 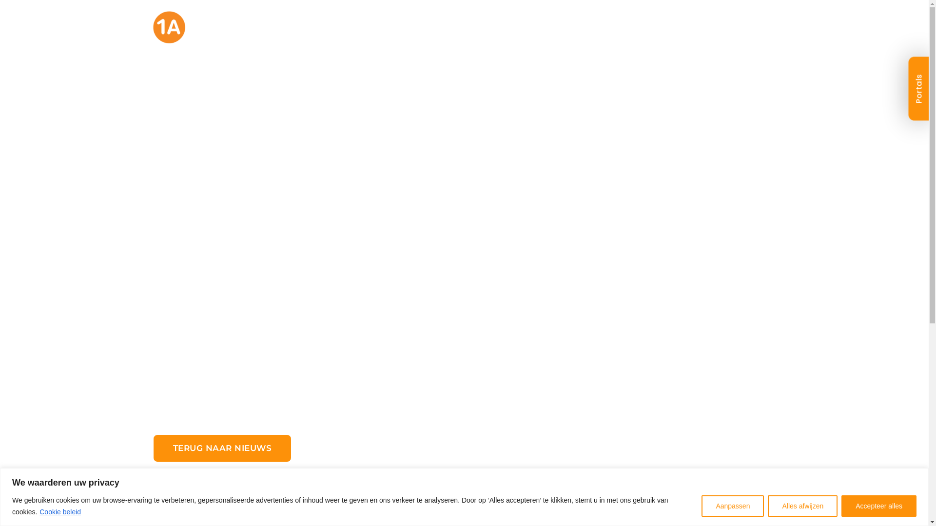 What do you see at coordinates (509, 33) in the screenshot?
I see `'over ons'` at bounding box center [509, 33].